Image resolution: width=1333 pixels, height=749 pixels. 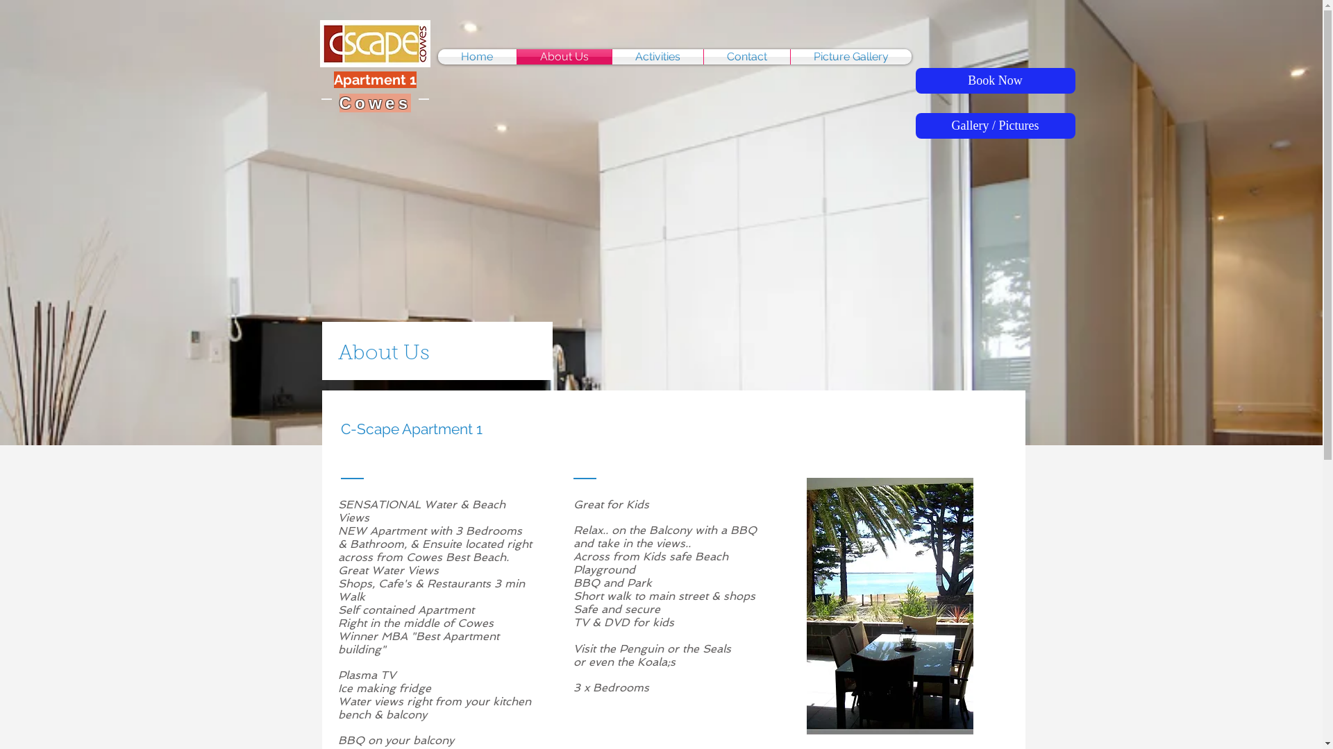 What do you see at coordinates (476, 55) in the screenshot?
I see `'Home'` at bounding box center [476, 55].